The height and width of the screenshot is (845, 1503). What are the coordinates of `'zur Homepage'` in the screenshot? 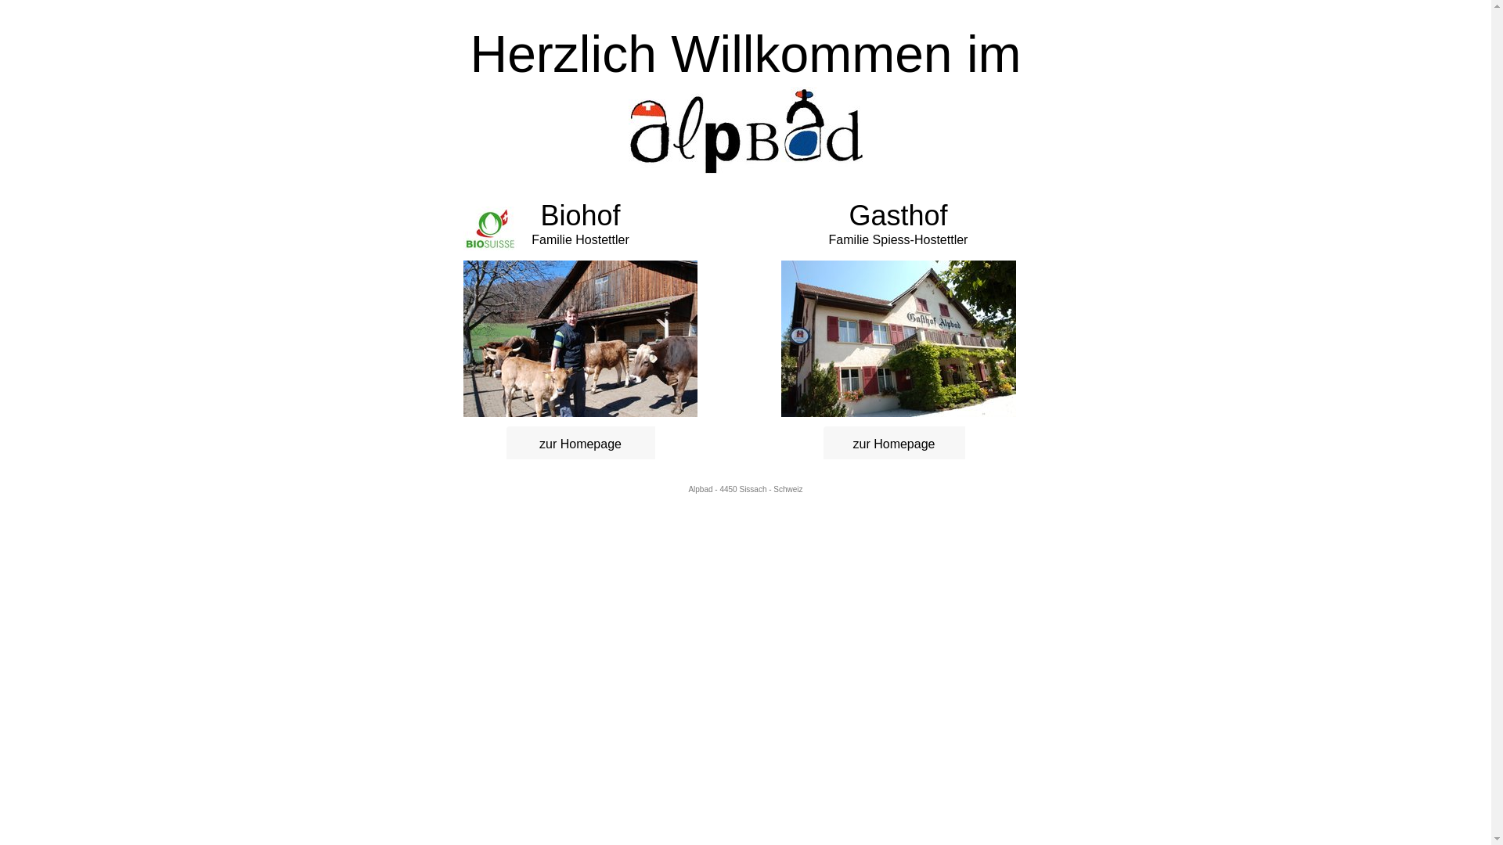 It's located at (514, 444).